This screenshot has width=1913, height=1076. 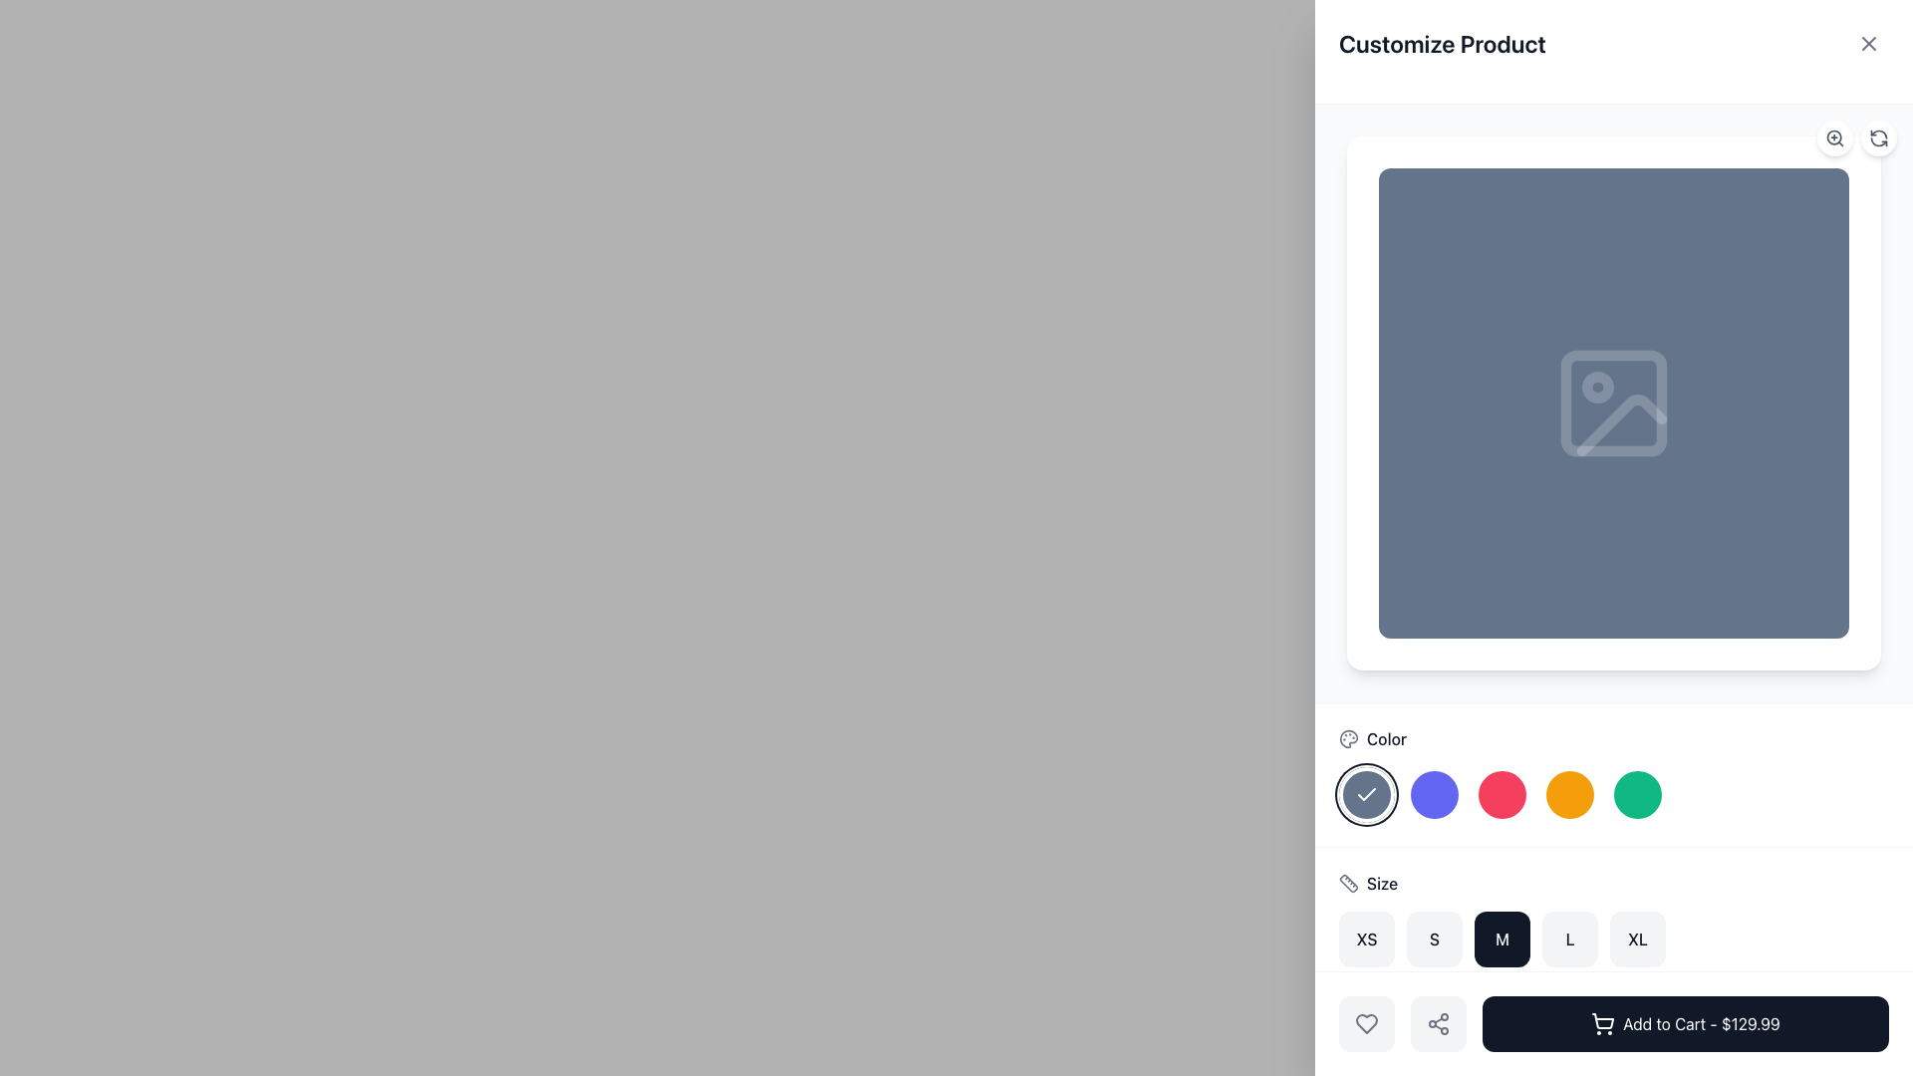 I want to click on the fourth circular interactive button in the 'Color' section, so click(x=1568, y=794).